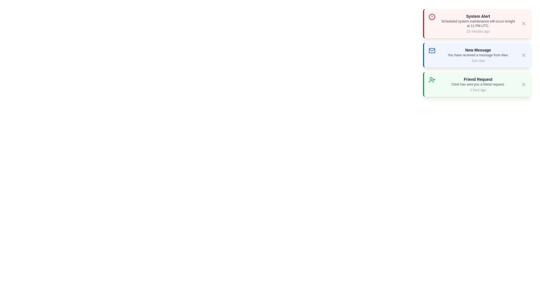 The height and width of the screenshot is (304, 540). Describe the element at coordinates (523, 84) in the screenshot. I see `the dismiss icon button located in the upper-right section of the green 'Friend Request' notification card` at that location.